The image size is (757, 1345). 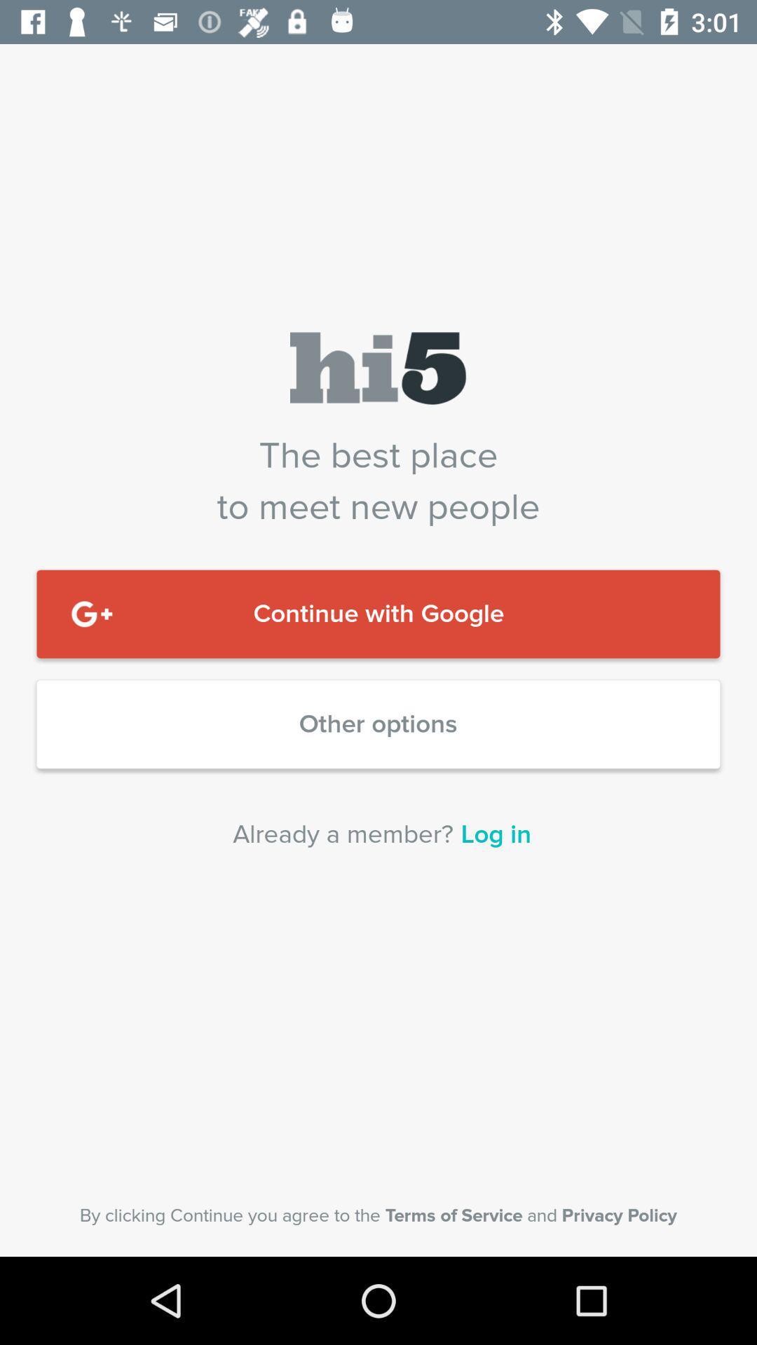 I want to click on the by clicking continue icon, so click(x=378, y=1215).